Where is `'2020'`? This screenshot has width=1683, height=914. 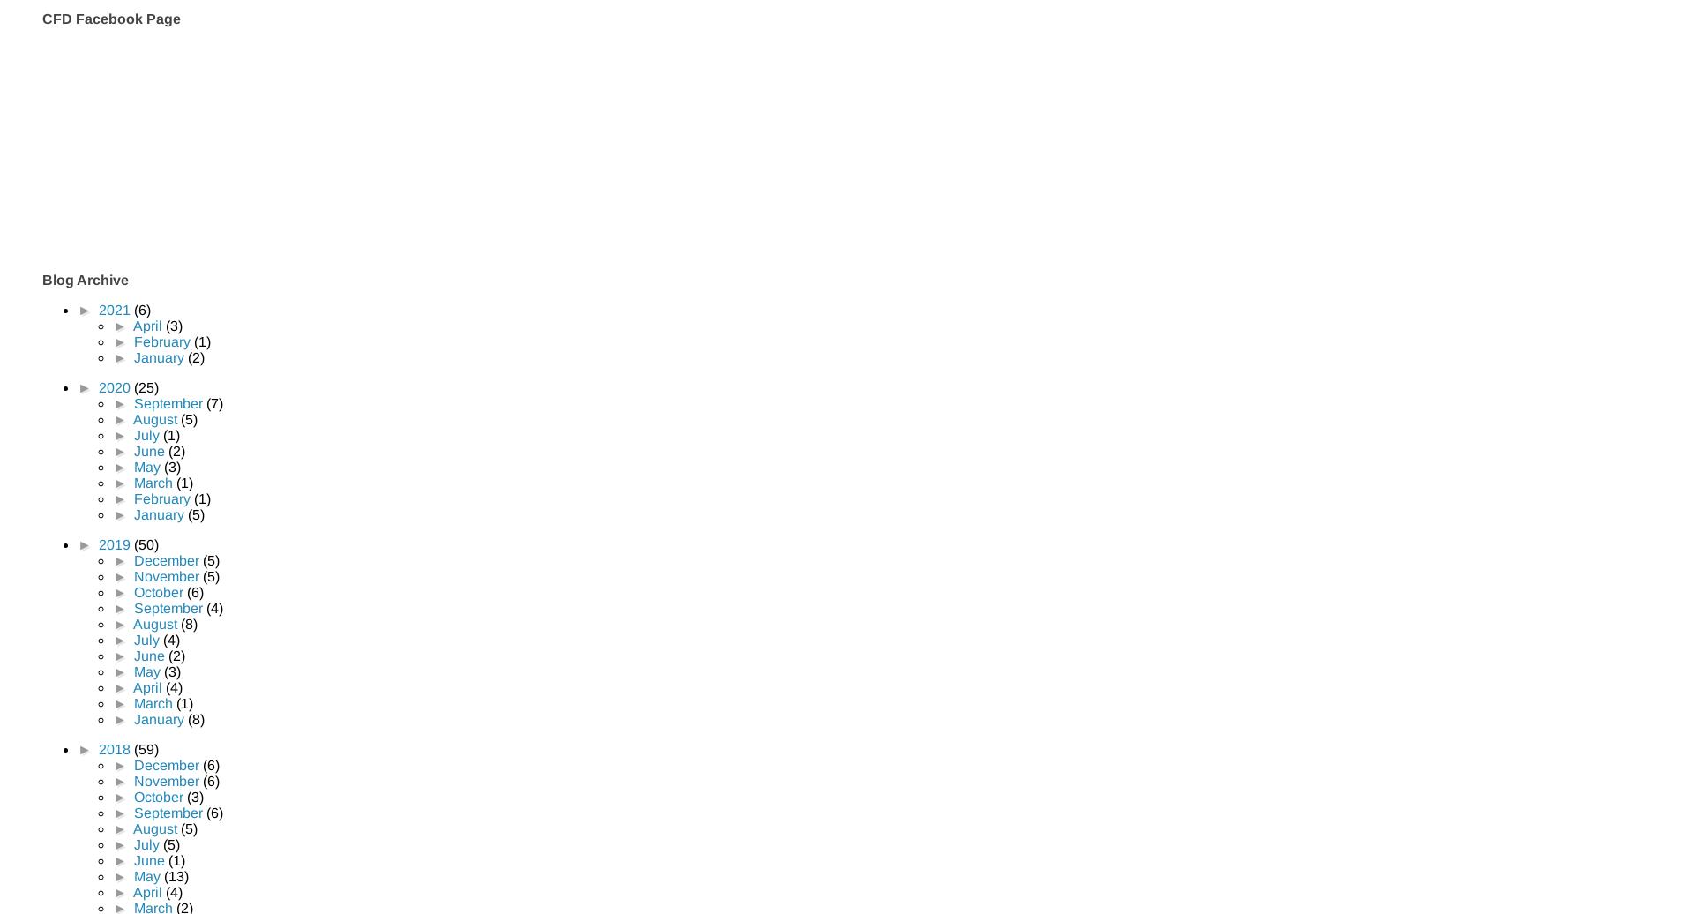 '2020' is located at coordinates (115, 386).